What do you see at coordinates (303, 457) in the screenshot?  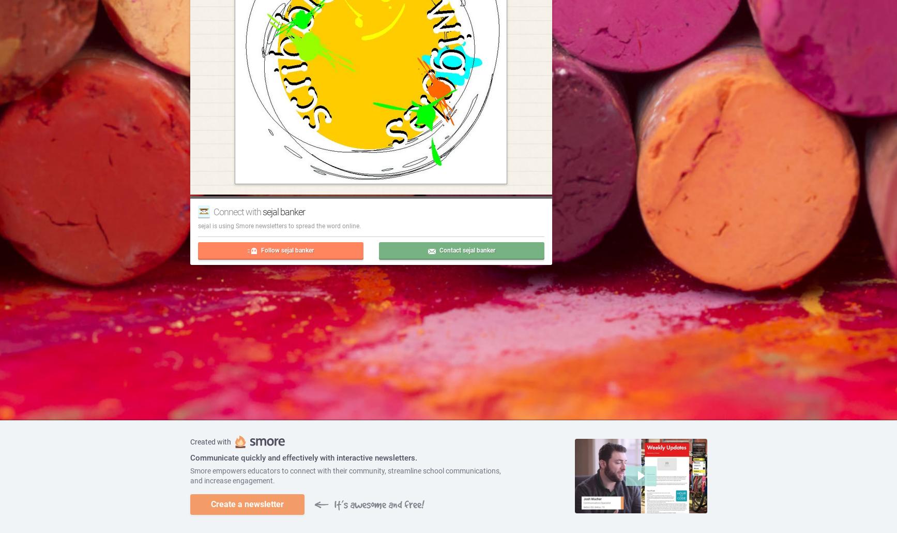 I see `'Communicate quickly and effectively with interactive newsletters.'` at bounding box center [303, 457].